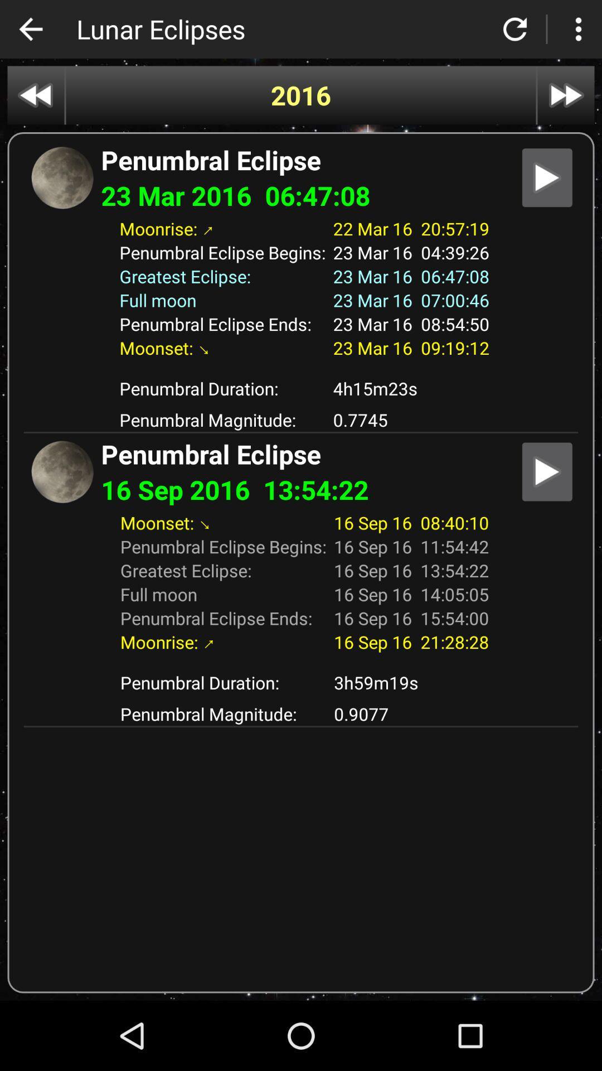  What do you see at coordinates (566, 95) in the screenshot?
I see `next page` at bounding box center [566, 95].